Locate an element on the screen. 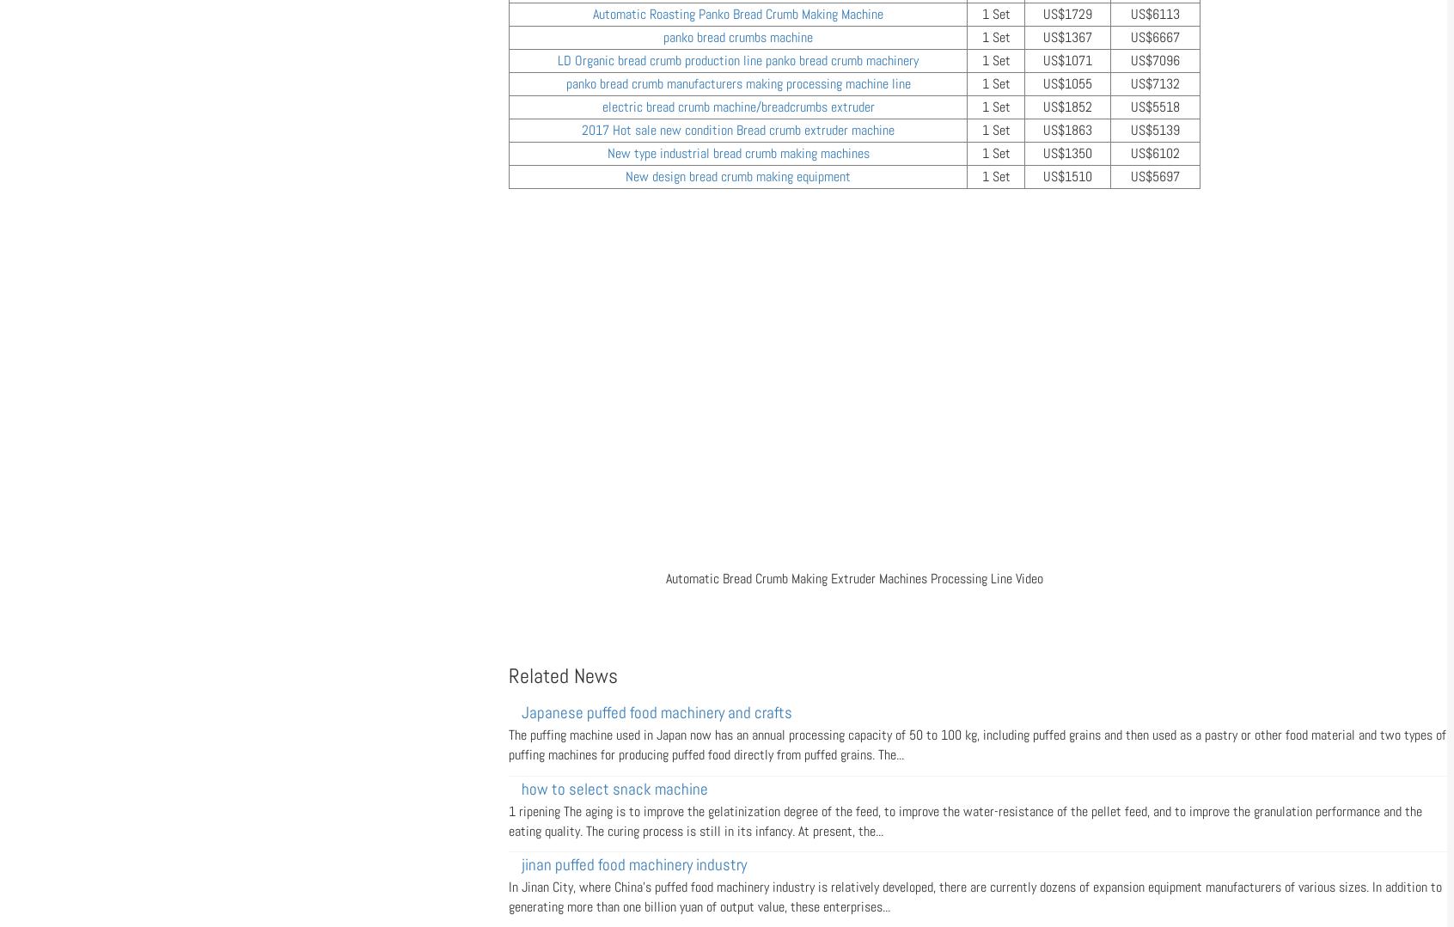 The image size is (1454, 927). 'US$7096' is located at coordinates (1130, 59).